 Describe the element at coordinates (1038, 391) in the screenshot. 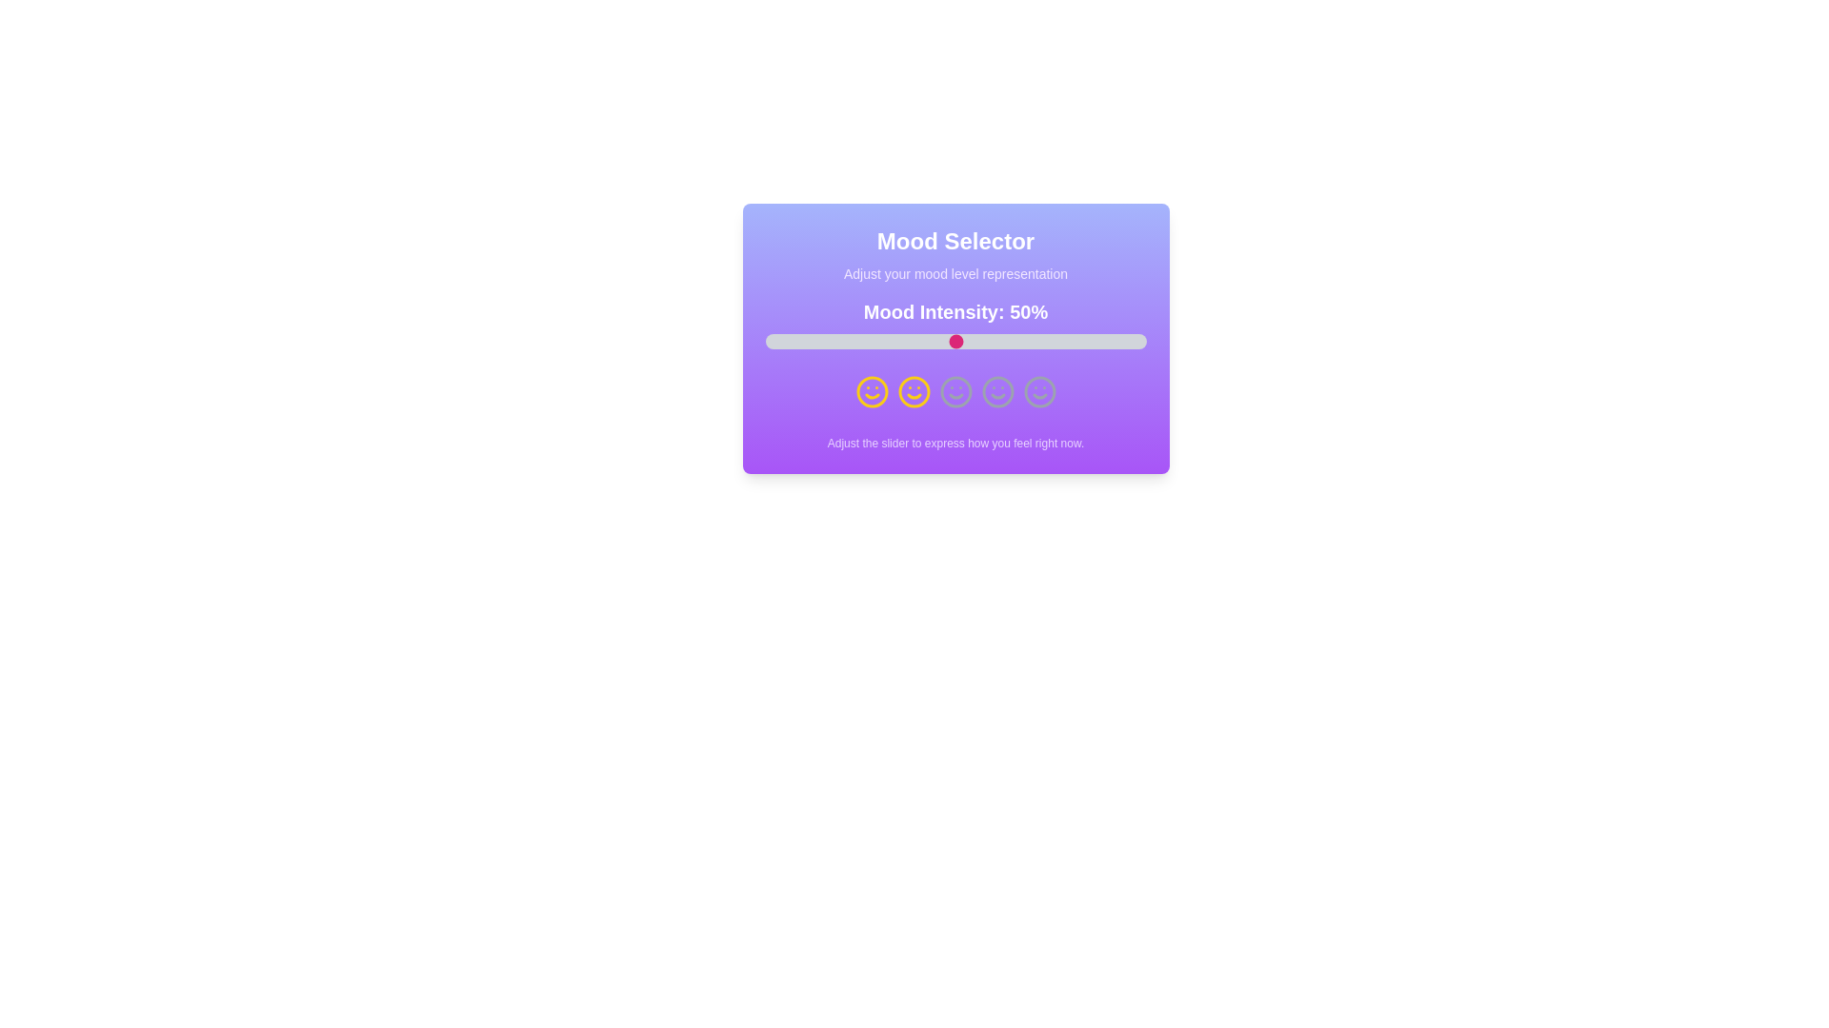

I see `the smiley icon representing very happy mood` at that location.